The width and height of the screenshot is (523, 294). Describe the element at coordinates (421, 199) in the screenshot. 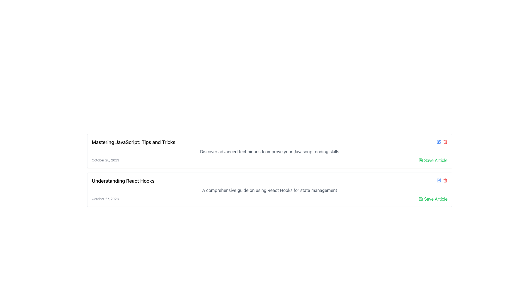

I see `the 'Save Article' button icon located on the right-hand side of the button's label` at that location.